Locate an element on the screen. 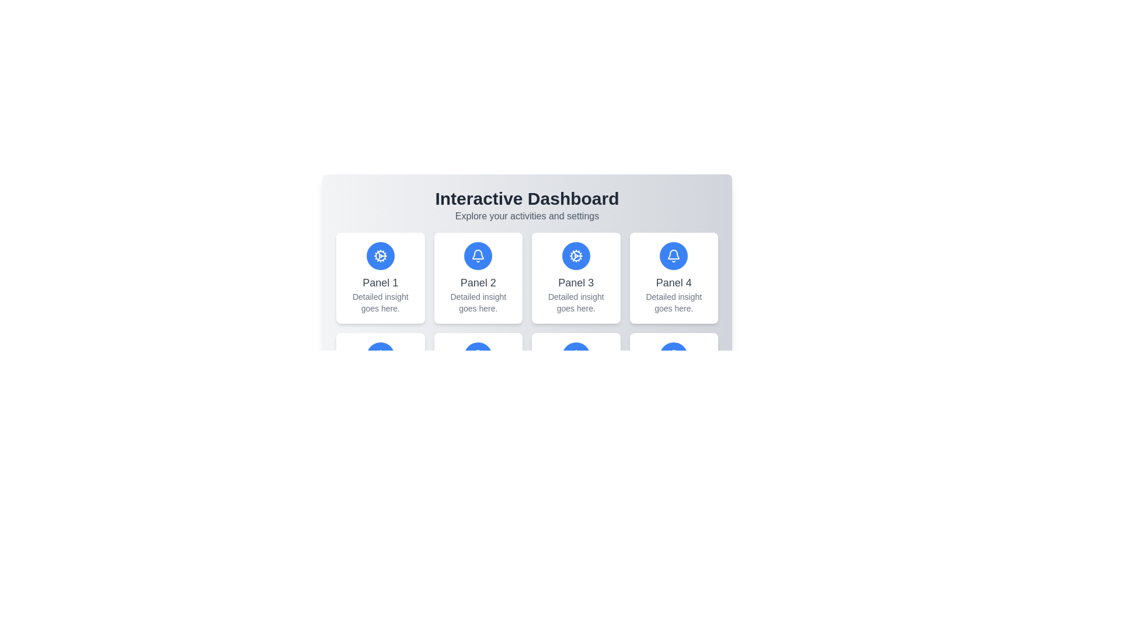 Image resolution: width=1121 pixels, height=630 pixels. the text label 'Panel 2' which is styled with a large font size and gray color, located in the second card of a grid layout is located at coordinates (478, 283).